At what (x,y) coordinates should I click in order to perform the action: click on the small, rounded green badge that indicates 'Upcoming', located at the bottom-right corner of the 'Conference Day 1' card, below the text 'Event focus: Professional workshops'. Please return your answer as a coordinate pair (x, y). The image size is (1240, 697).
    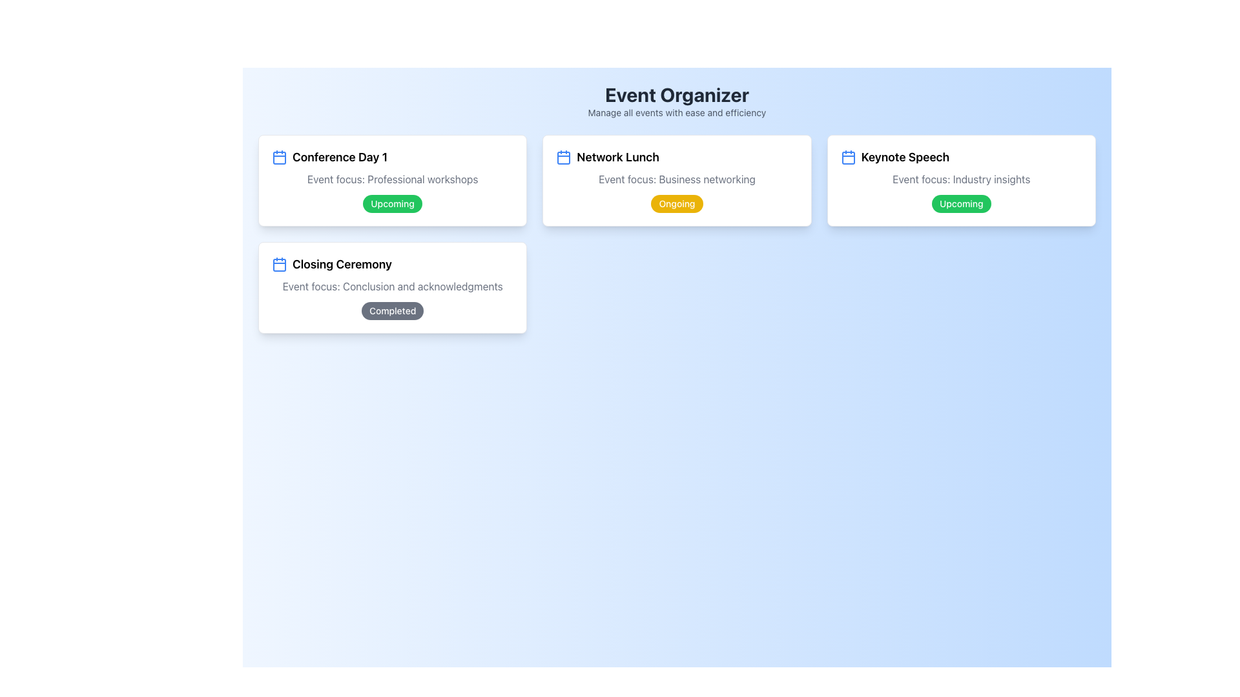
    Looking at the image, I should click on (392, 203).